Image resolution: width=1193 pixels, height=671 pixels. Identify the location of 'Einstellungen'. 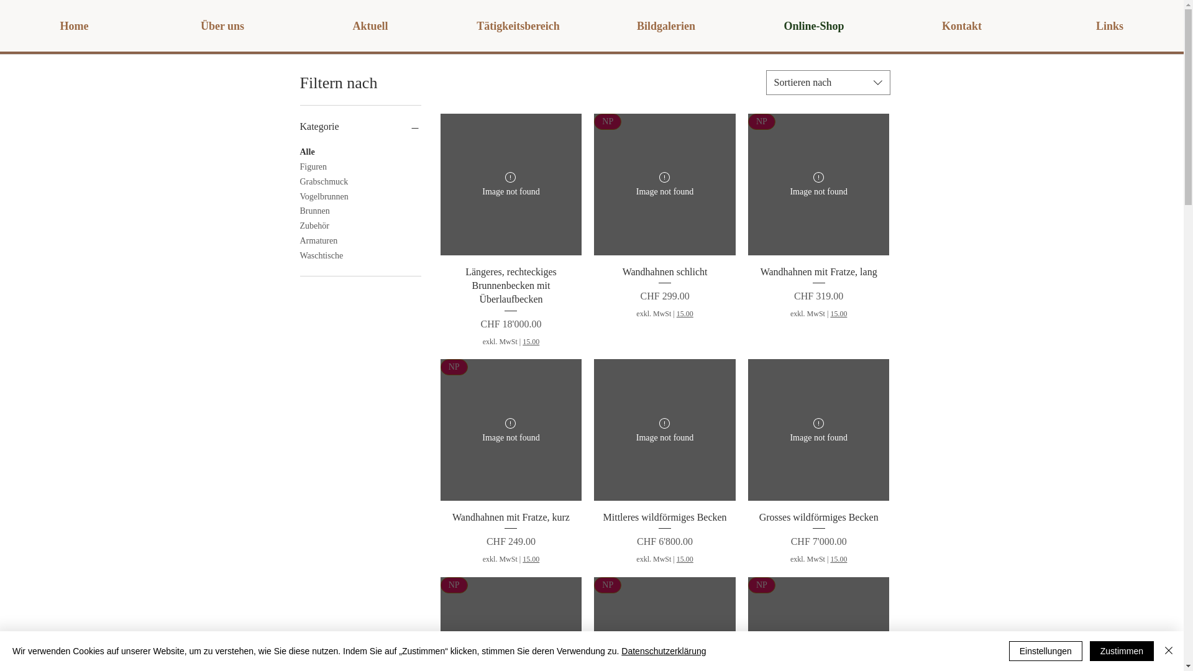
(1008, 650).